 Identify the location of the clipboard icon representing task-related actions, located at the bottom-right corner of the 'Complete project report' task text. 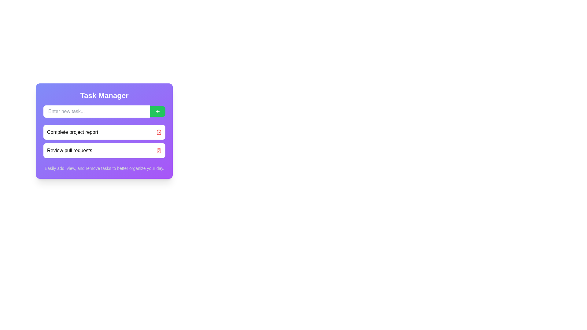
(159, 151).